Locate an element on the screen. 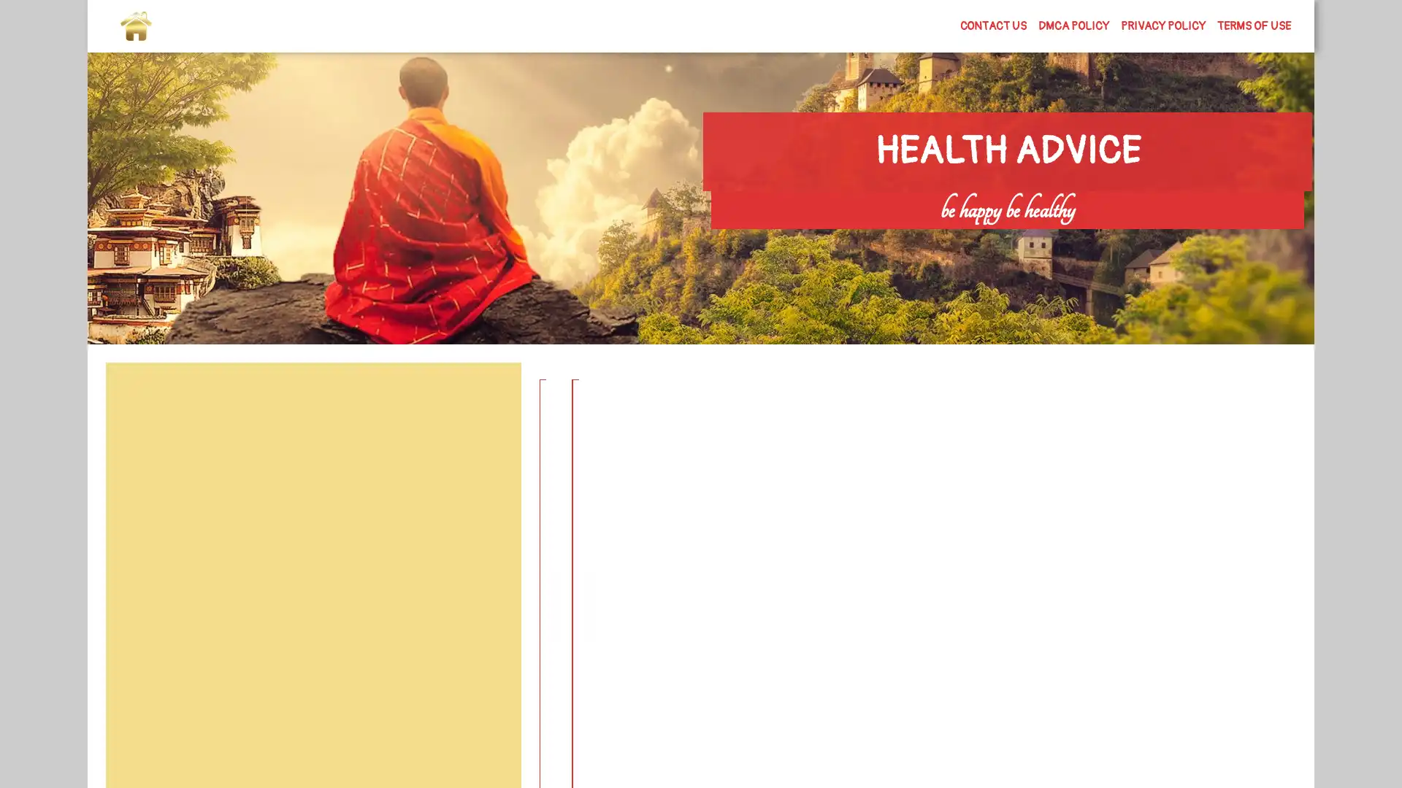  Search is located at coordinates (487, 398).